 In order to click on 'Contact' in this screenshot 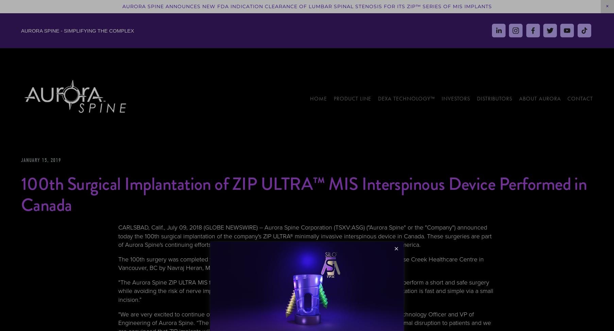, I will do `click(580, 98)`.